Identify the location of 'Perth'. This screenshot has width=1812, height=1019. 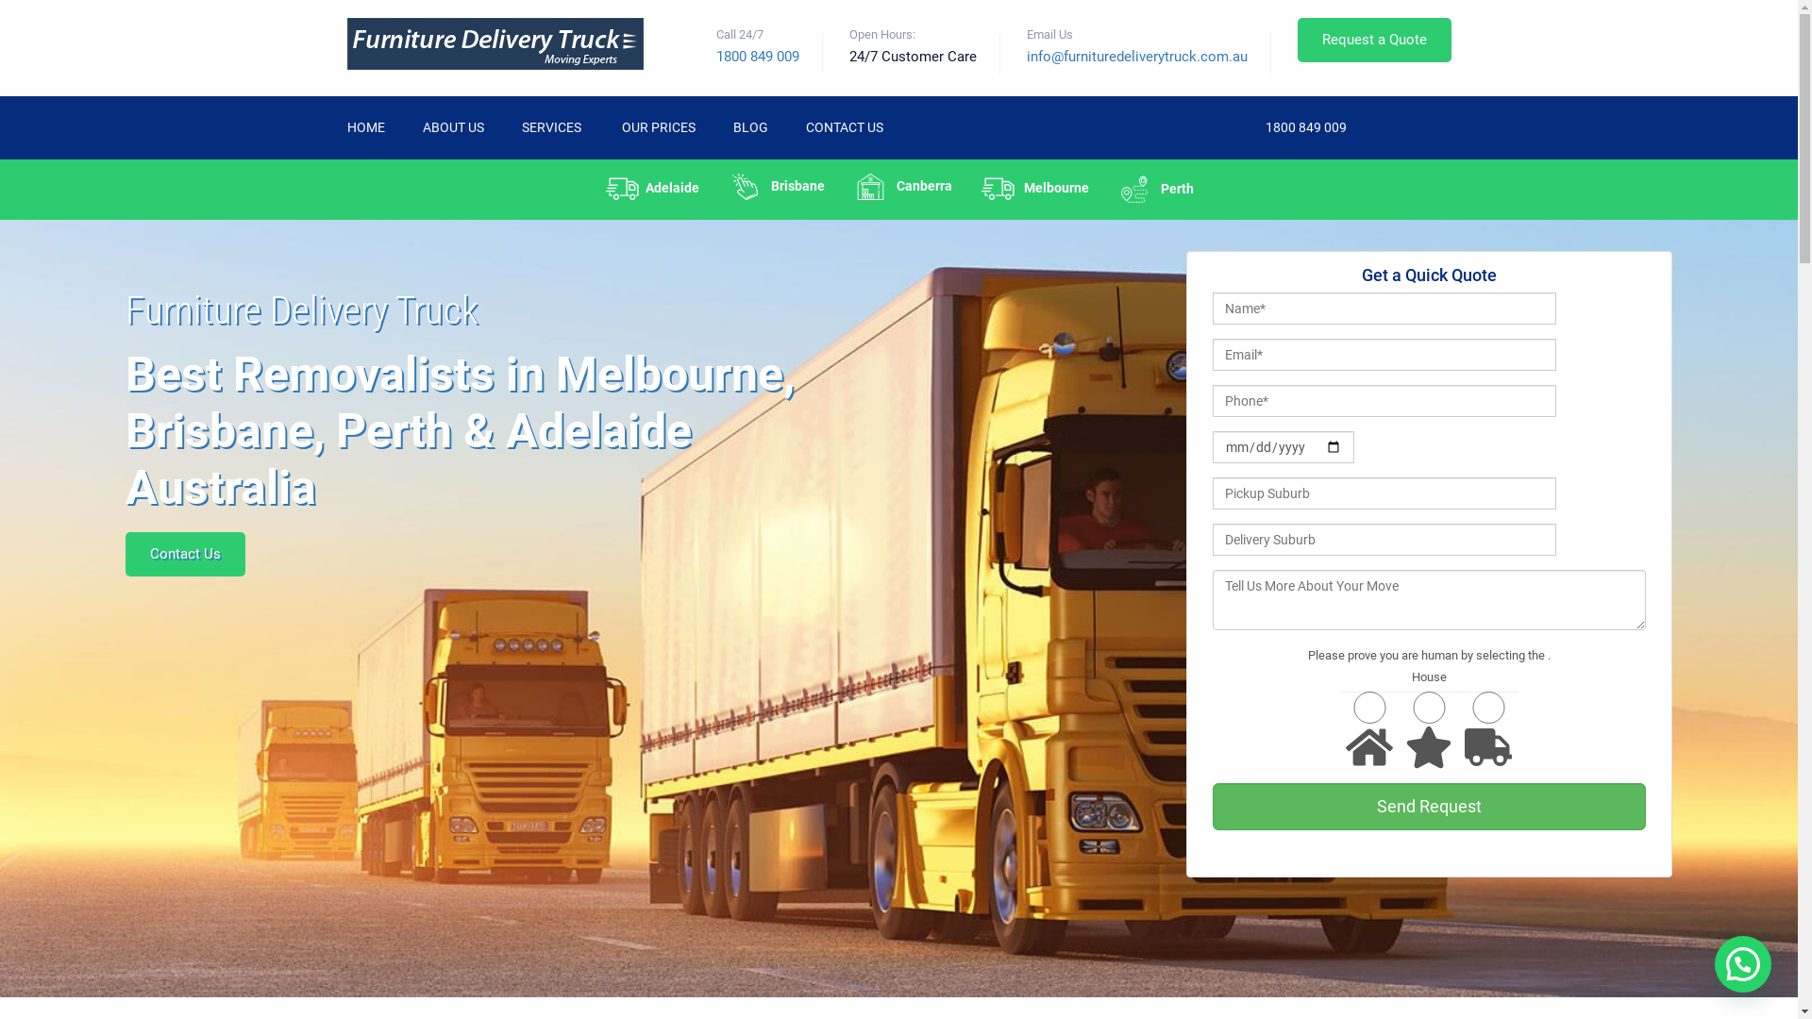
(1153, 189).